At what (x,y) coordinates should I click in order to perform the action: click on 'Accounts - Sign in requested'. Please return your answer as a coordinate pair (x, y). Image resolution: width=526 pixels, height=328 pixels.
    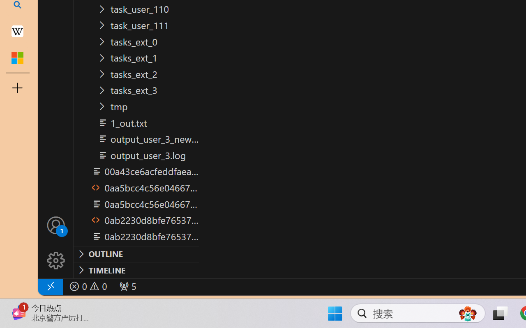
    Looking at the image, I should click on (55, 225).